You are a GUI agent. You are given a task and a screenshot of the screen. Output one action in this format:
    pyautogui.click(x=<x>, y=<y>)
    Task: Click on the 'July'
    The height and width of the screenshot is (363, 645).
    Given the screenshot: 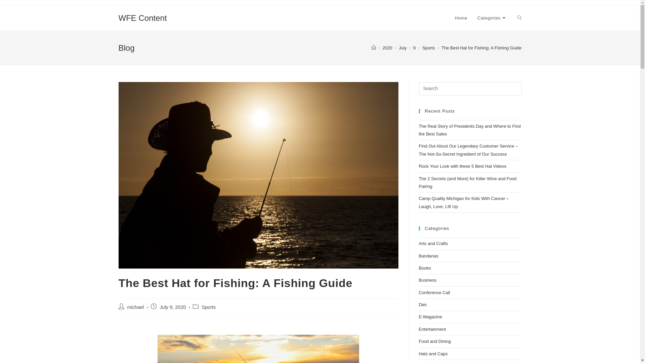 What is the action you would take?
    pyautogui.click(x=402, y=47)
    